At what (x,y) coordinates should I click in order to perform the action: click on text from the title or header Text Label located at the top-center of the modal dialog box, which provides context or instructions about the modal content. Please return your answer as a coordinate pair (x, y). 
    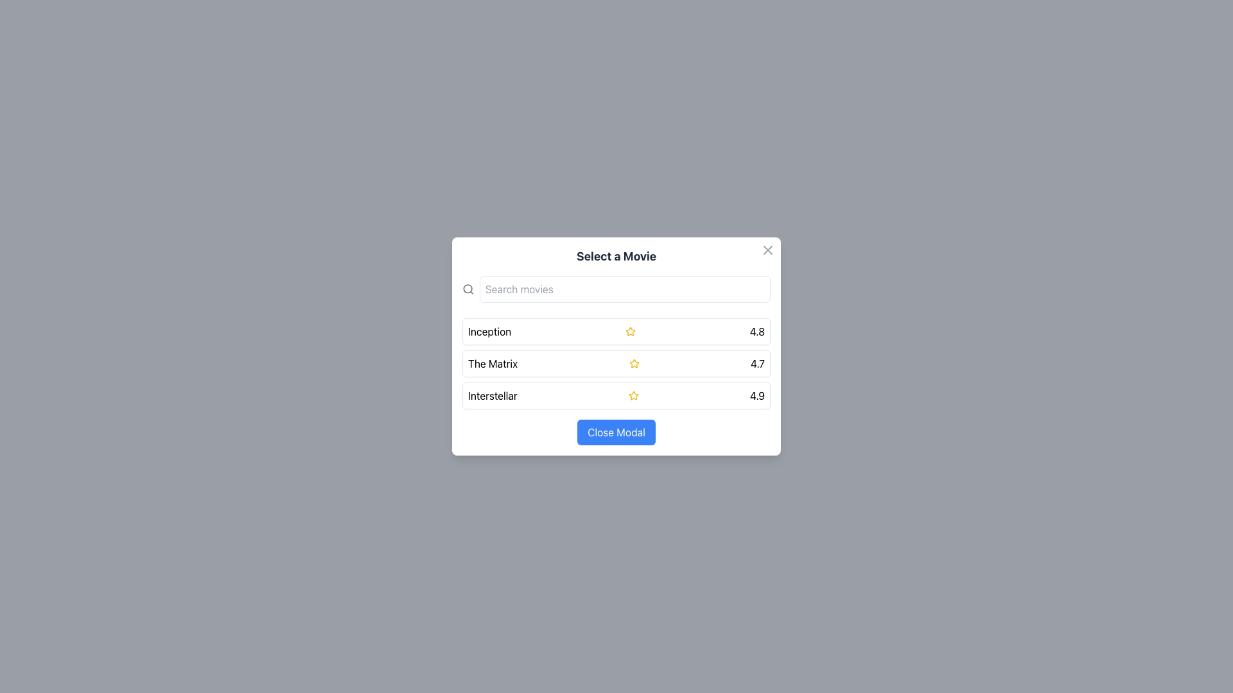
    Looking at the image, I should click on (616, 257).